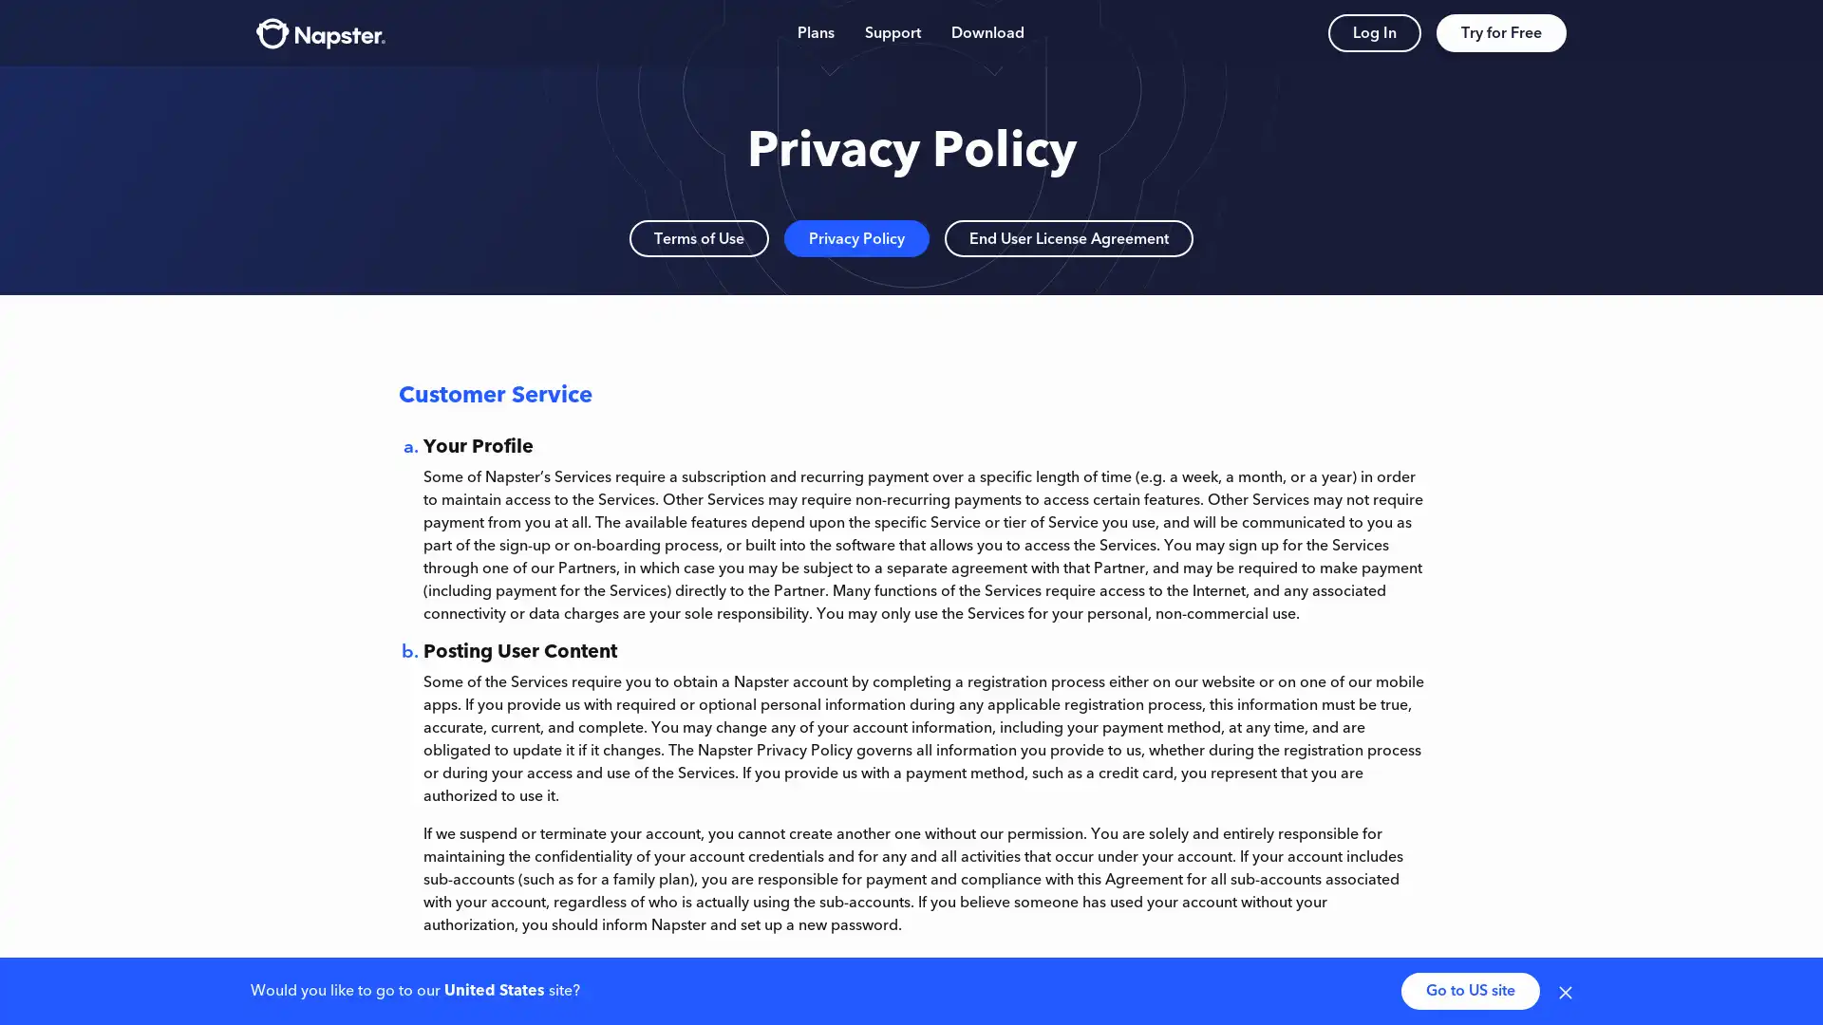 The width and height of the screenshot is (1823, 1025). What do you see at coordinates (1355, 872) in the screenshot?
I see `Accept` at bounding box center [1355, 872].